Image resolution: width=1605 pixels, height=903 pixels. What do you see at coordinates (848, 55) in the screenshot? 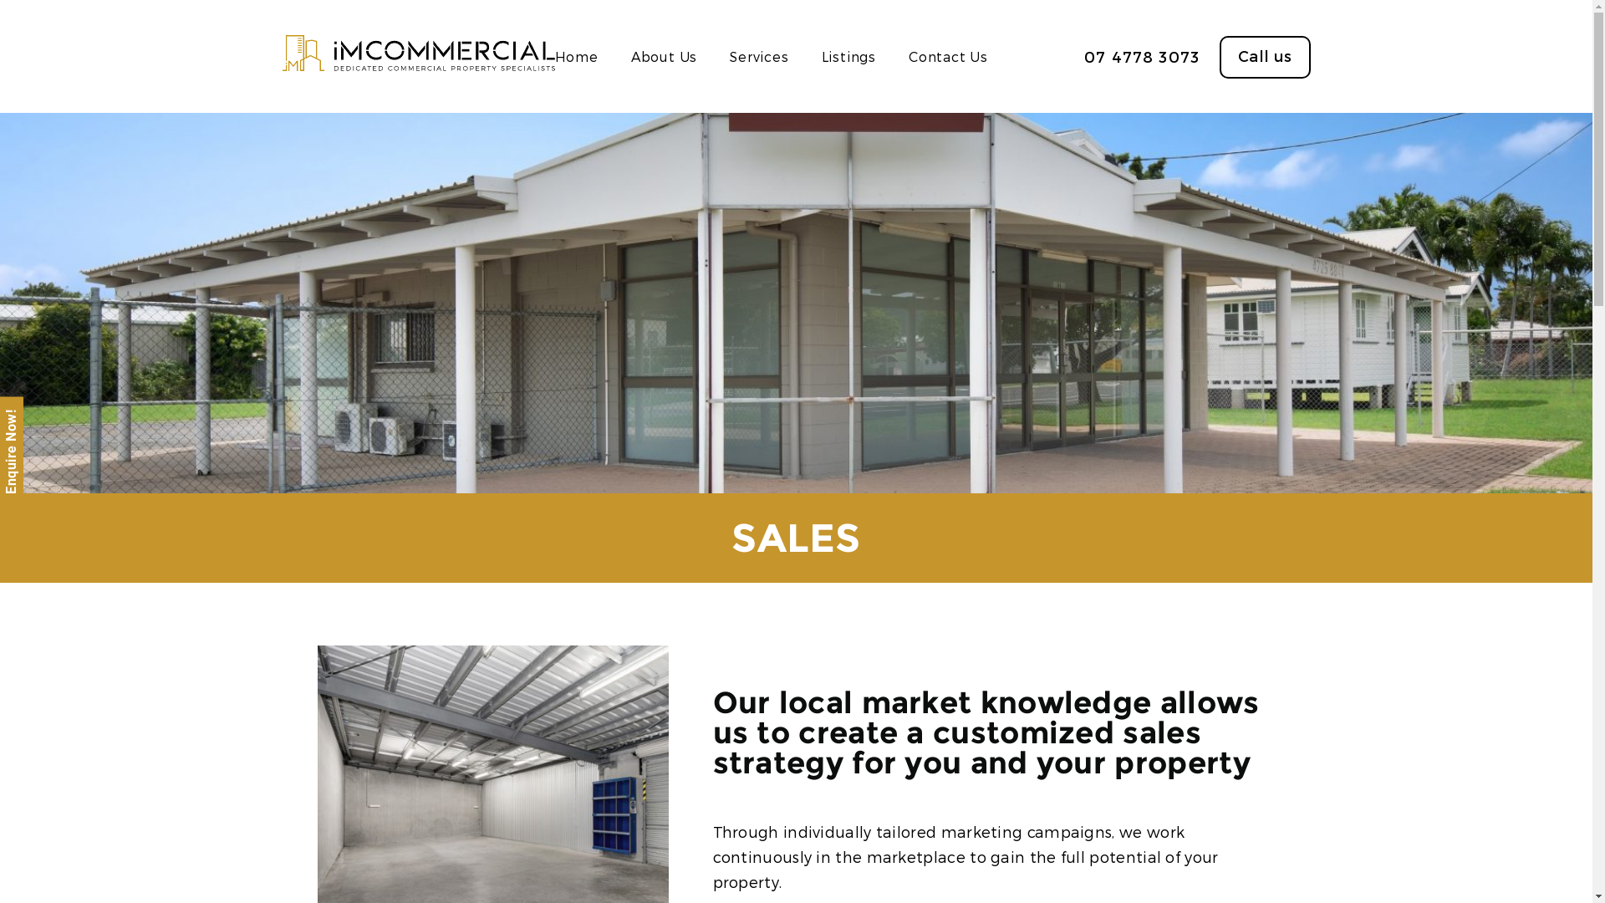
I see `'Listings'` at bounding box center [848, 55].